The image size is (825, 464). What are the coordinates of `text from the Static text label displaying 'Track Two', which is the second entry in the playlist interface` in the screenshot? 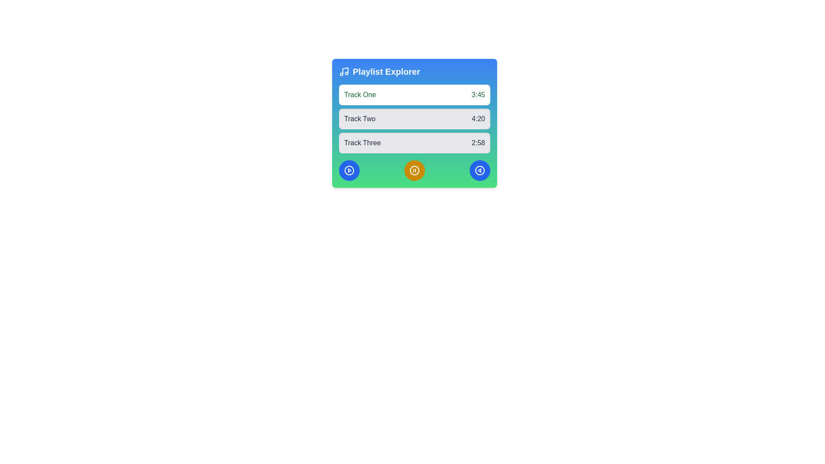 It's located at (360, 119).